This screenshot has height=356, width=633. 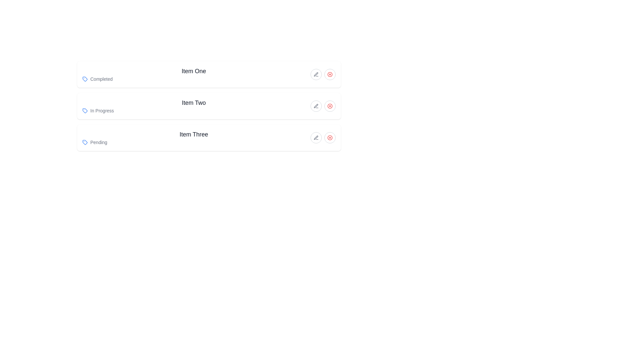 I want to click on the leftmost icon indicating the status 'In Progress' within the vertical list of categories, so click(x=85, y=110).